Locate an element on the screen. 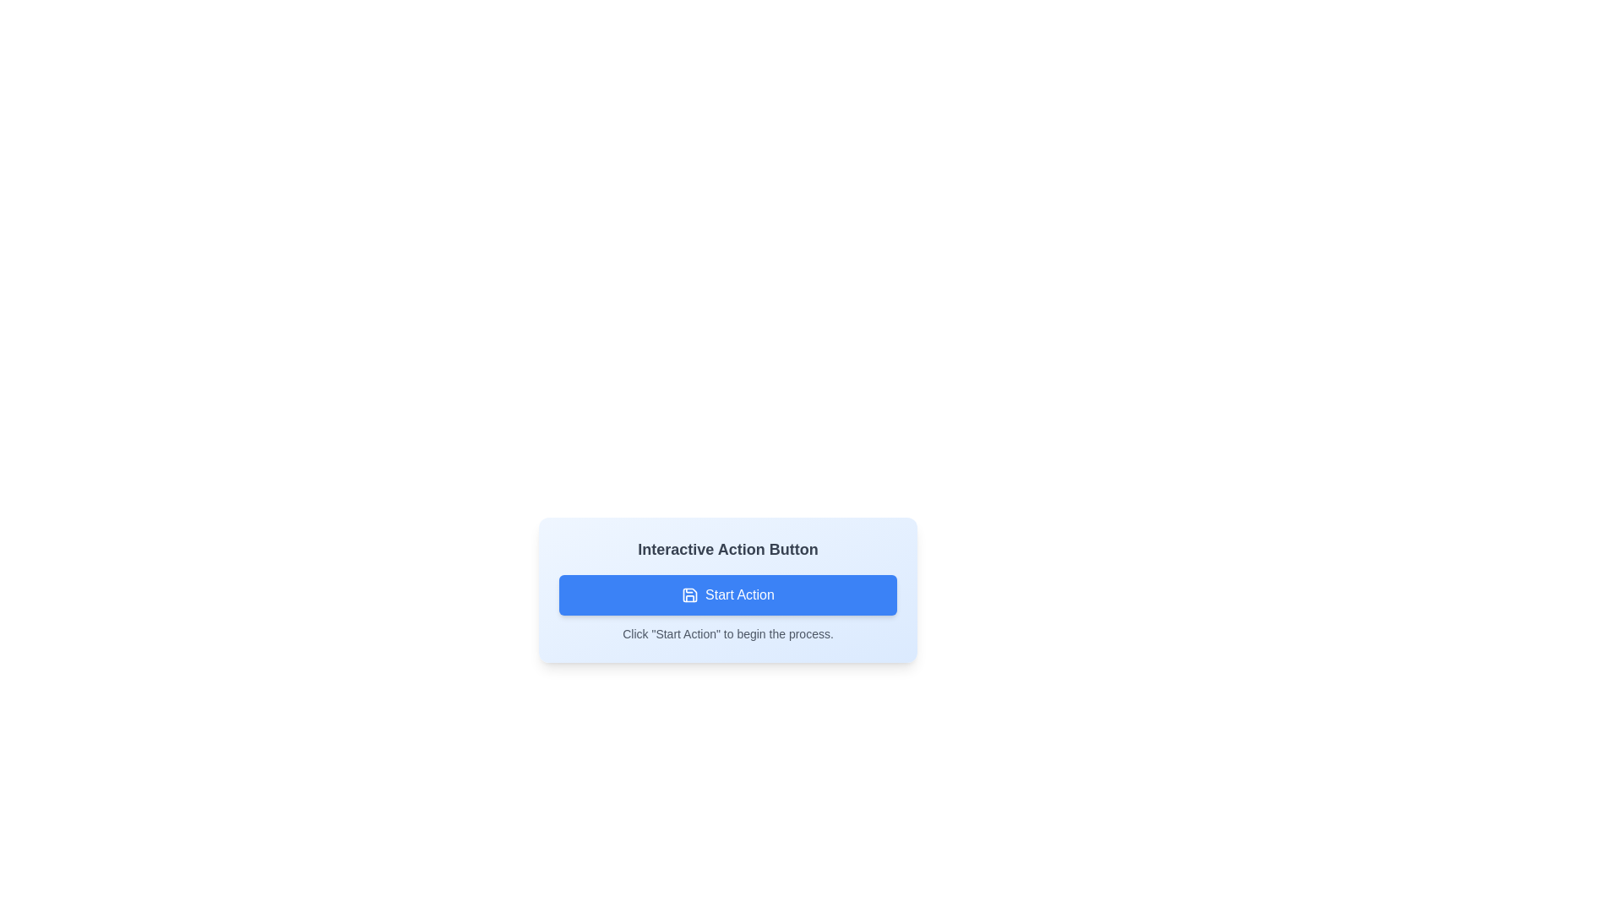  the SVG icon located within the 'Start Action' button, which is positioned to the left of the button's text, to initiate interaction is located at coordinates (690, 594).